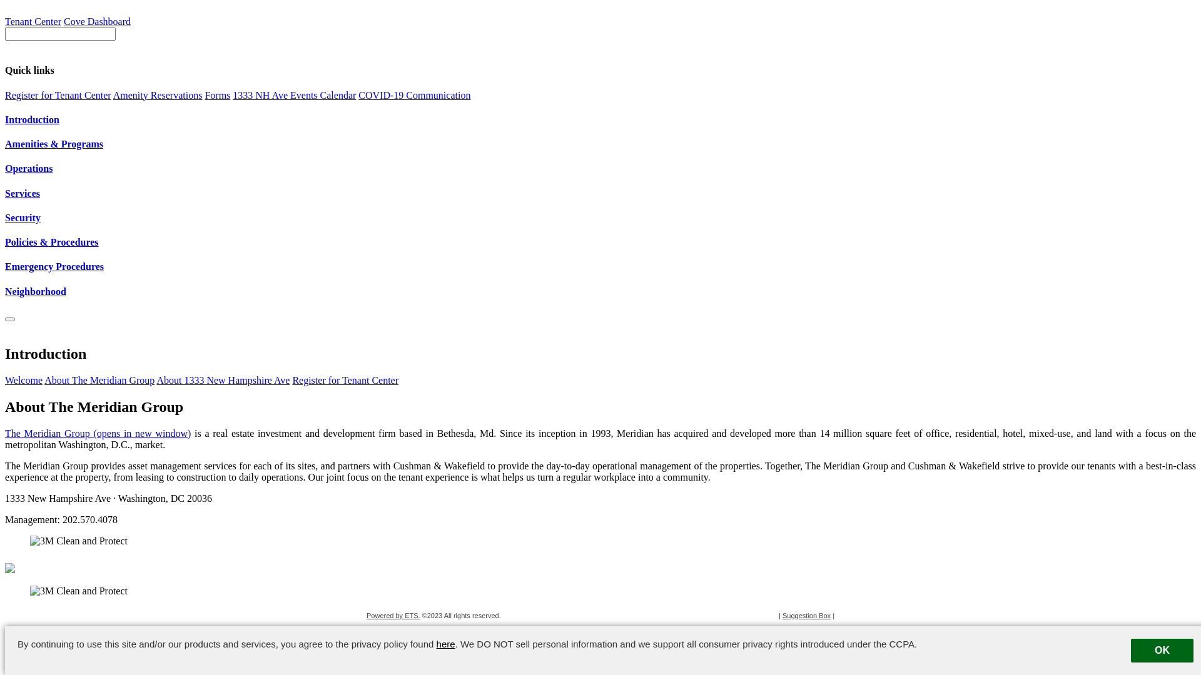  What do you see at coordinates (293, 94) in the screenshot?
I see `'1333 NH Ave Events Calendar'` at bounding box center [293, 94].